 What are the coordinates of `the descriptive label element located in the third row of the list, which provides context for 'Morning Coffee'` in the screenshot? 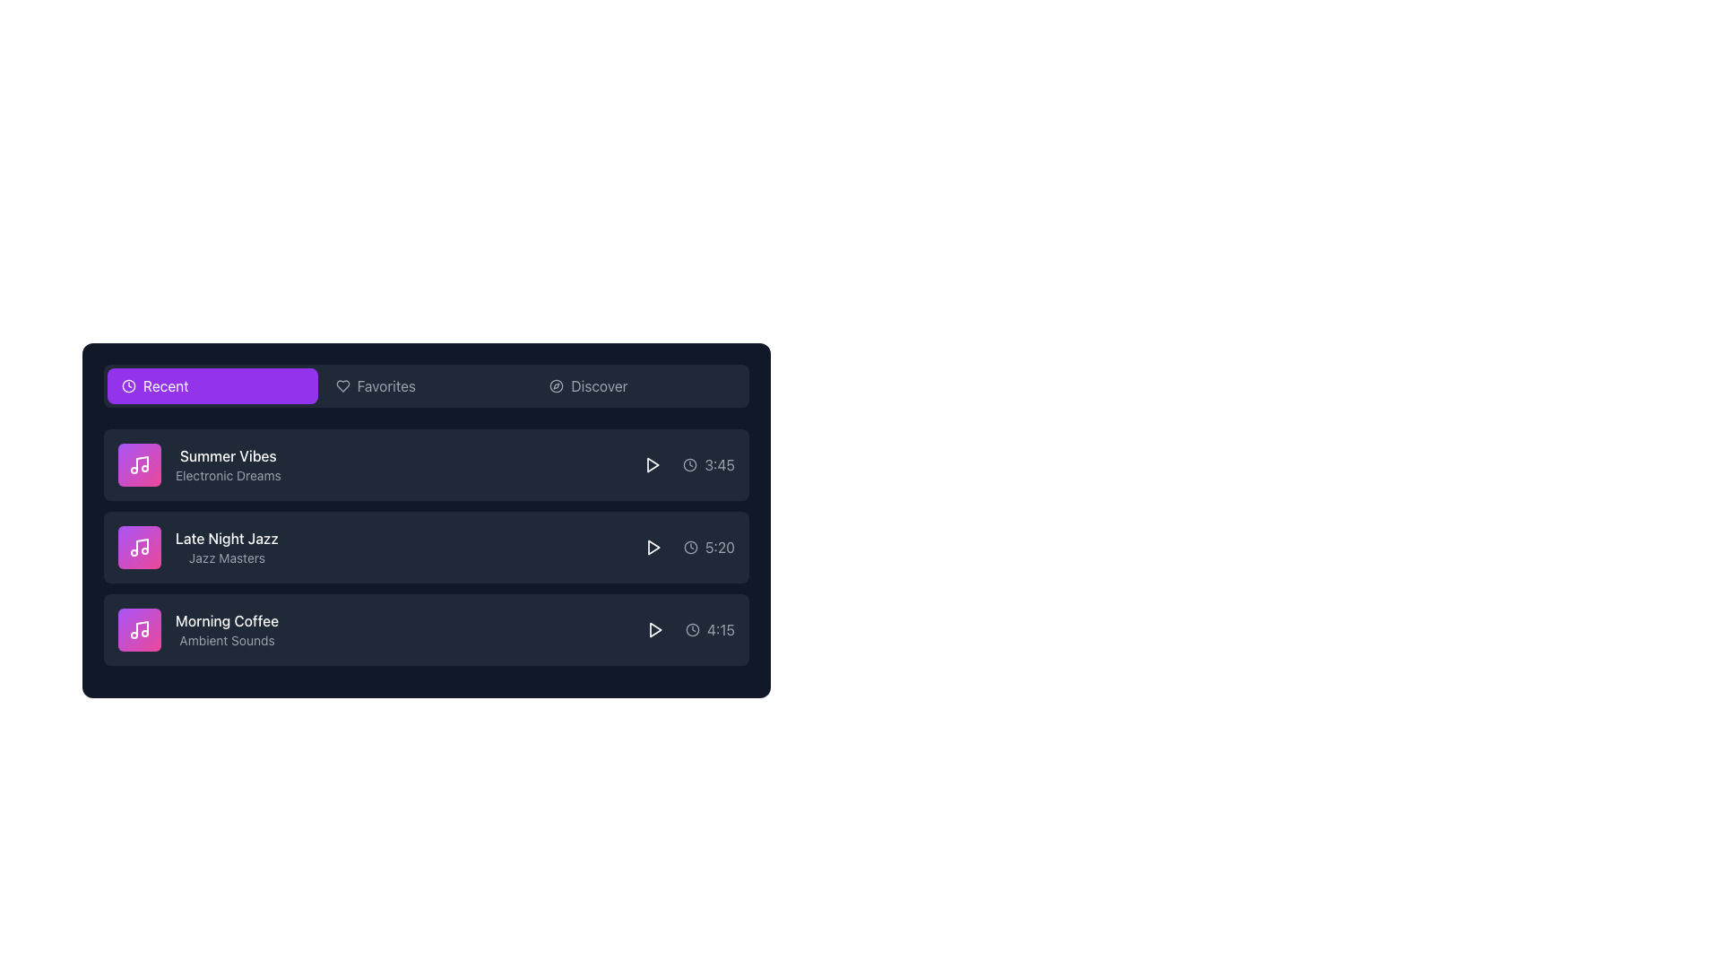 It's located at (226, 639).